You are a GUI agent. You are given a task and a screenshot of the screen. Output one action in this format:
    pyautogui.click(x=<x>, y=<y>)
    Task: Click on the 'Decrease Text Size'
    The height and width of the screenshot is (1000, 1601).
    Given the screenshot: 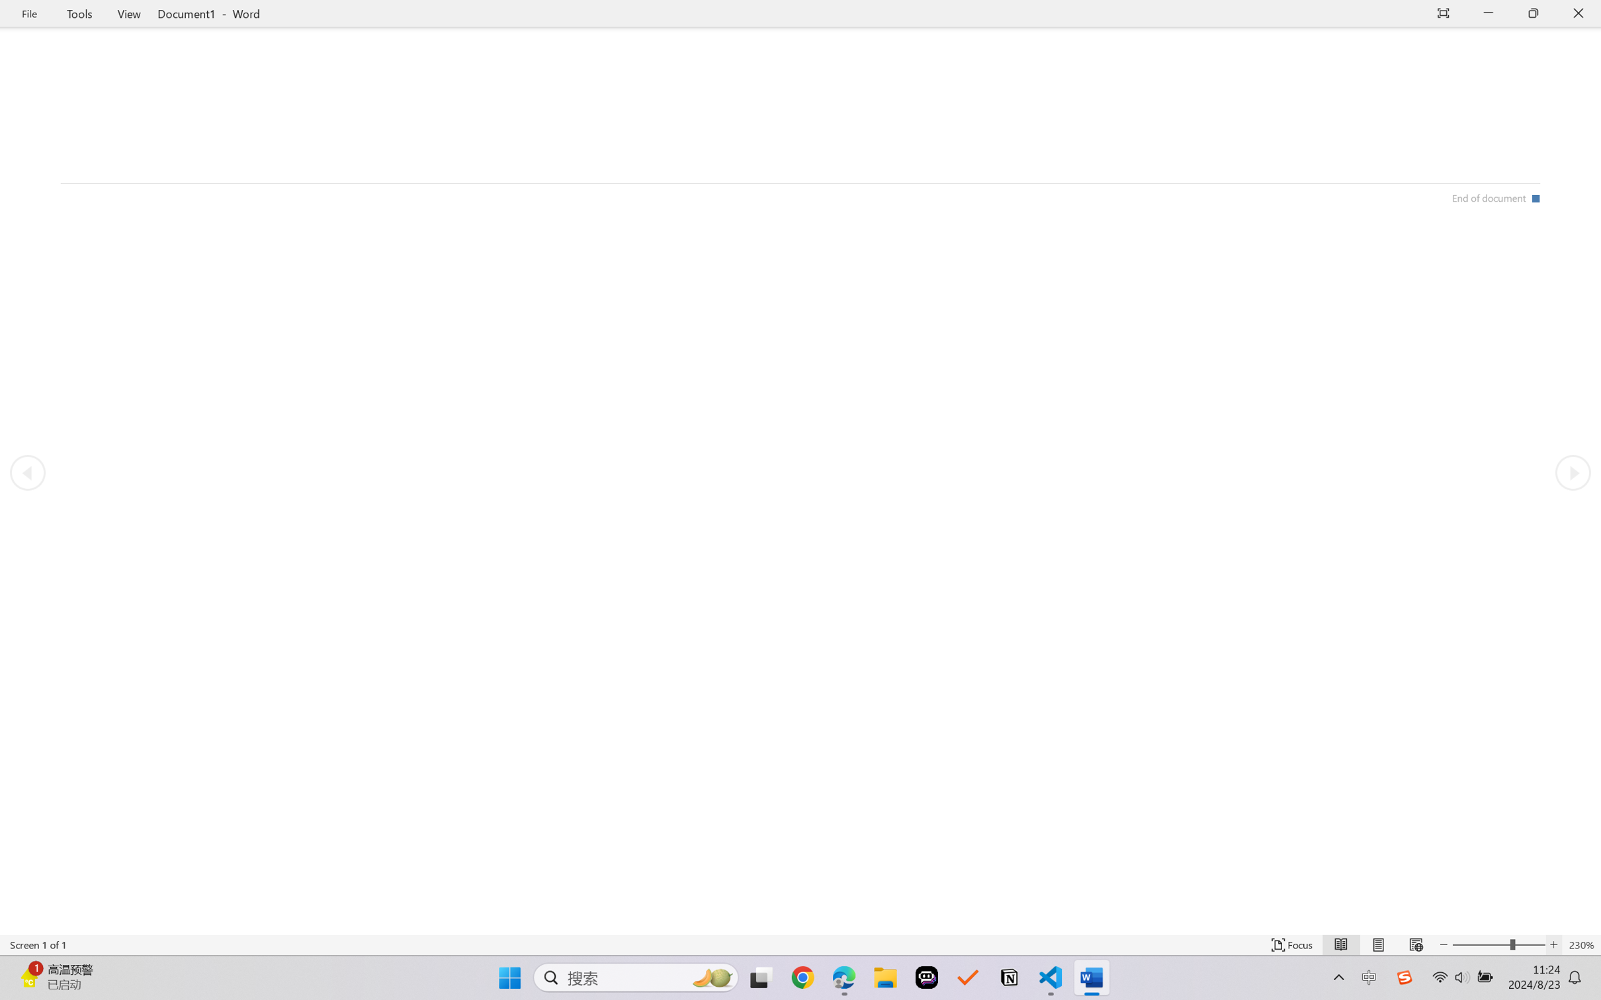 What is the action you would take?
    pyautogui.click(x=1444, y=944)
    